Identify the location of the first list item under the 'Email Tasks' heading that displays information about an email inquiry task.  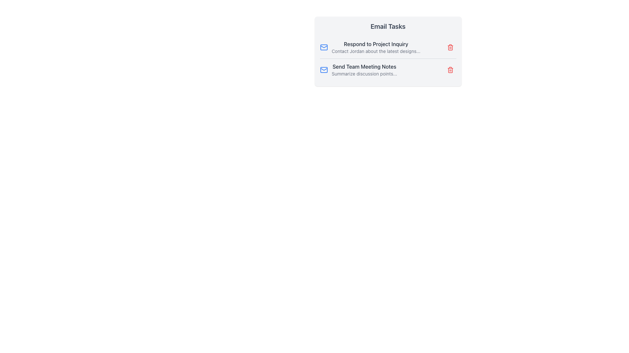
(370, 47).